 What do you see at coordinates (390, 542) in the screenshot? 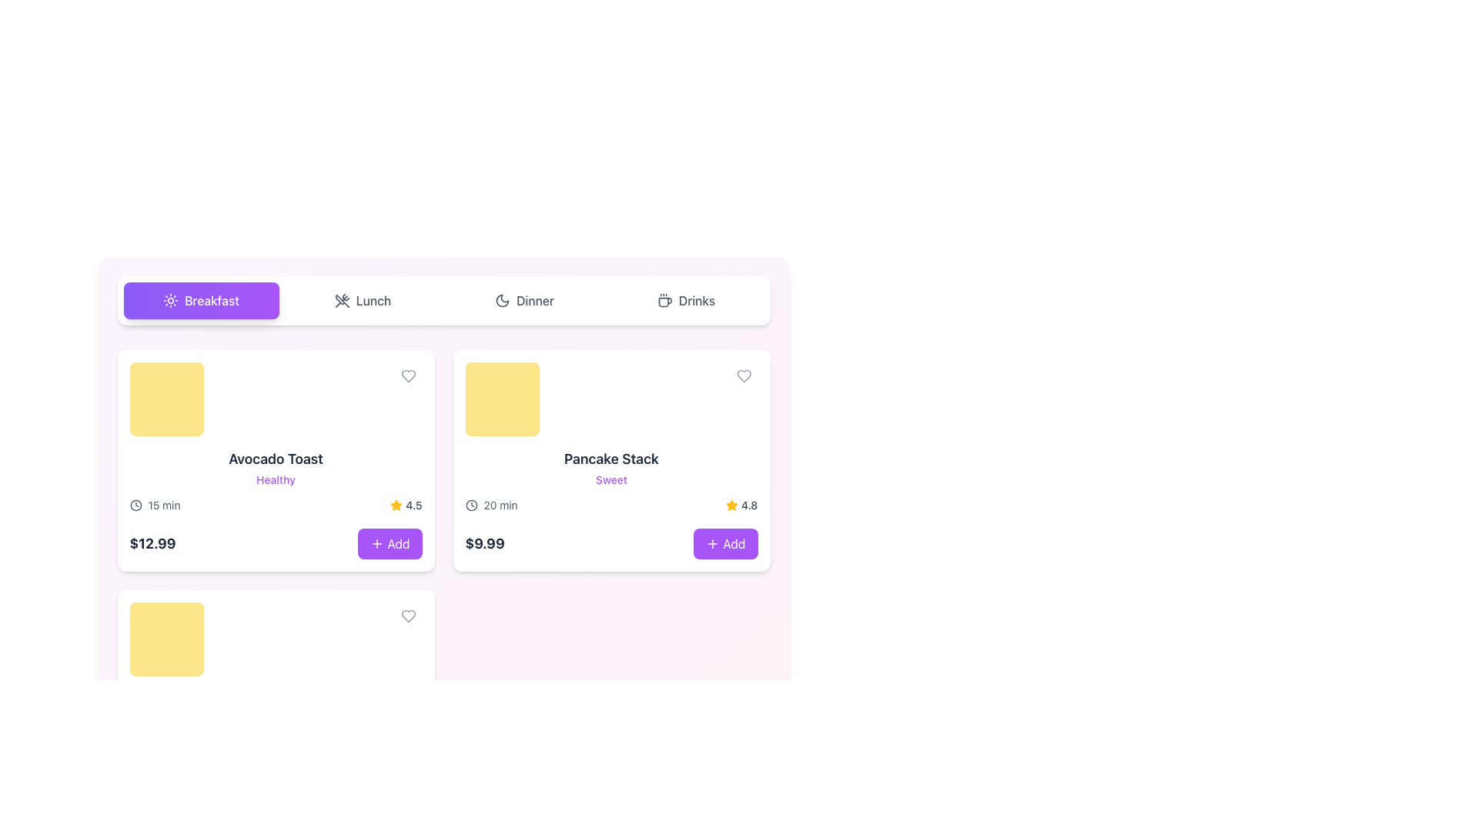
I see `the button that allows the user to add 'Avocado Toast' to their selection, located at the bottom right corner of the first card, below the price label '$12.99'` at bounding box center [390, 542].